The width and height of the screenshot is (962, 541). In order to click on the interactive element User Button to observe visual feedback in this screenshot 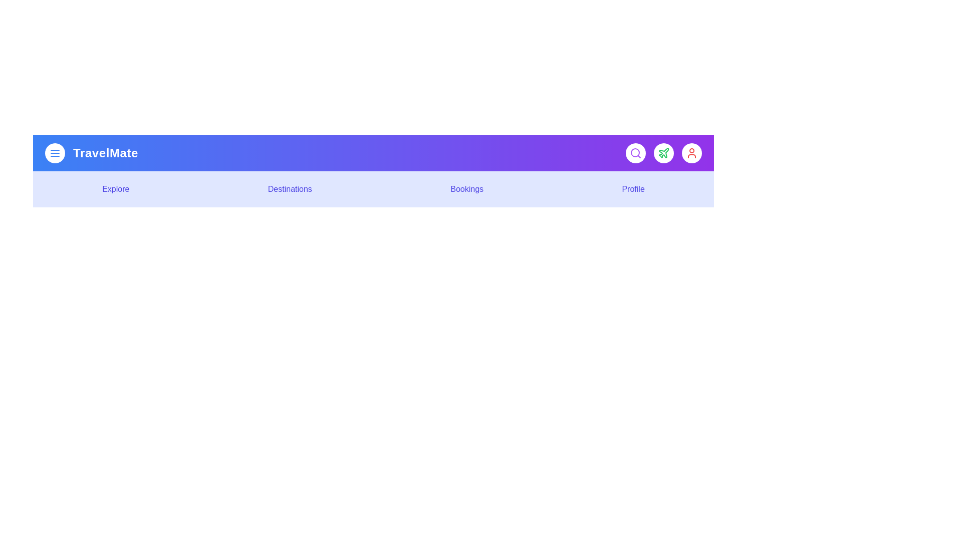, I will do `click(691, 153)`.